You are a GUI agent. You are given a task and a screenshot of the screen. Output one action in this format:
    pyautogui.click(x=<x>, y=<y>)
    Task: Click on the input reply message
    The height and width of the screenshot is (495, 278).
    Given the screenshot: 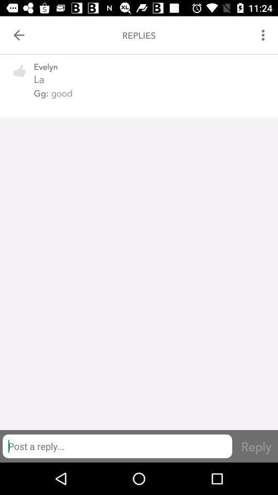 What is the action you would take?
    pyautogui.click(x=116, y=445)
    